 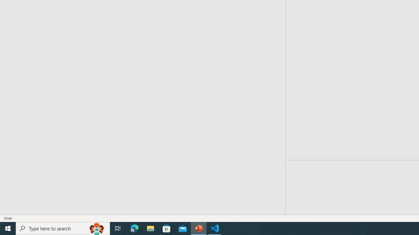 What do you see at coordinates (150, 228) in the screenshot?
I see `'File Explorer'` at bounding box center [150, 228].